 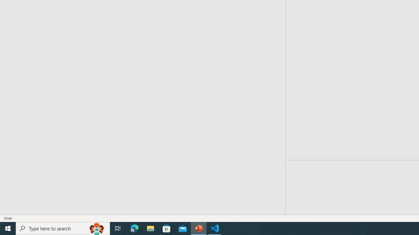 What do you see at coordinates (150, 228) in the screenshot?
I see `'File Explorer'` at bounding box center [150, 228].